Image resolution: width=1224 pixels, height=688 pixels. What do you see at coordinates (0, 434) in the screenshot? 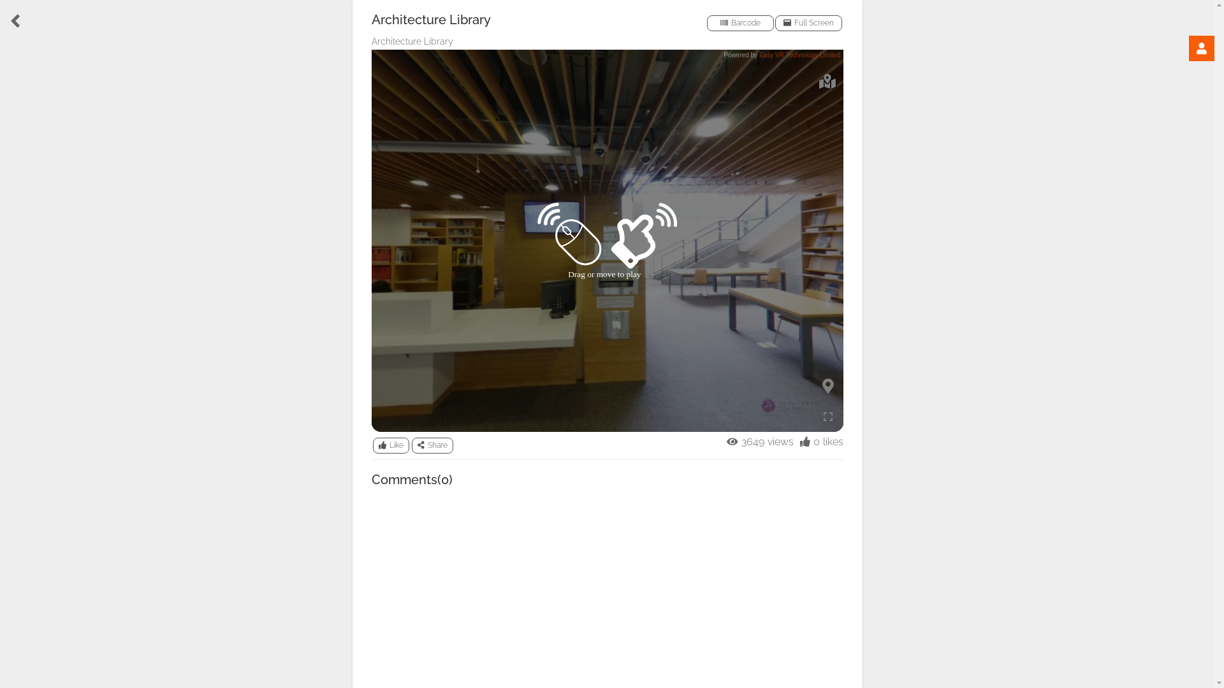
I see `'HEALTH'` at bounding box center [0, 434].